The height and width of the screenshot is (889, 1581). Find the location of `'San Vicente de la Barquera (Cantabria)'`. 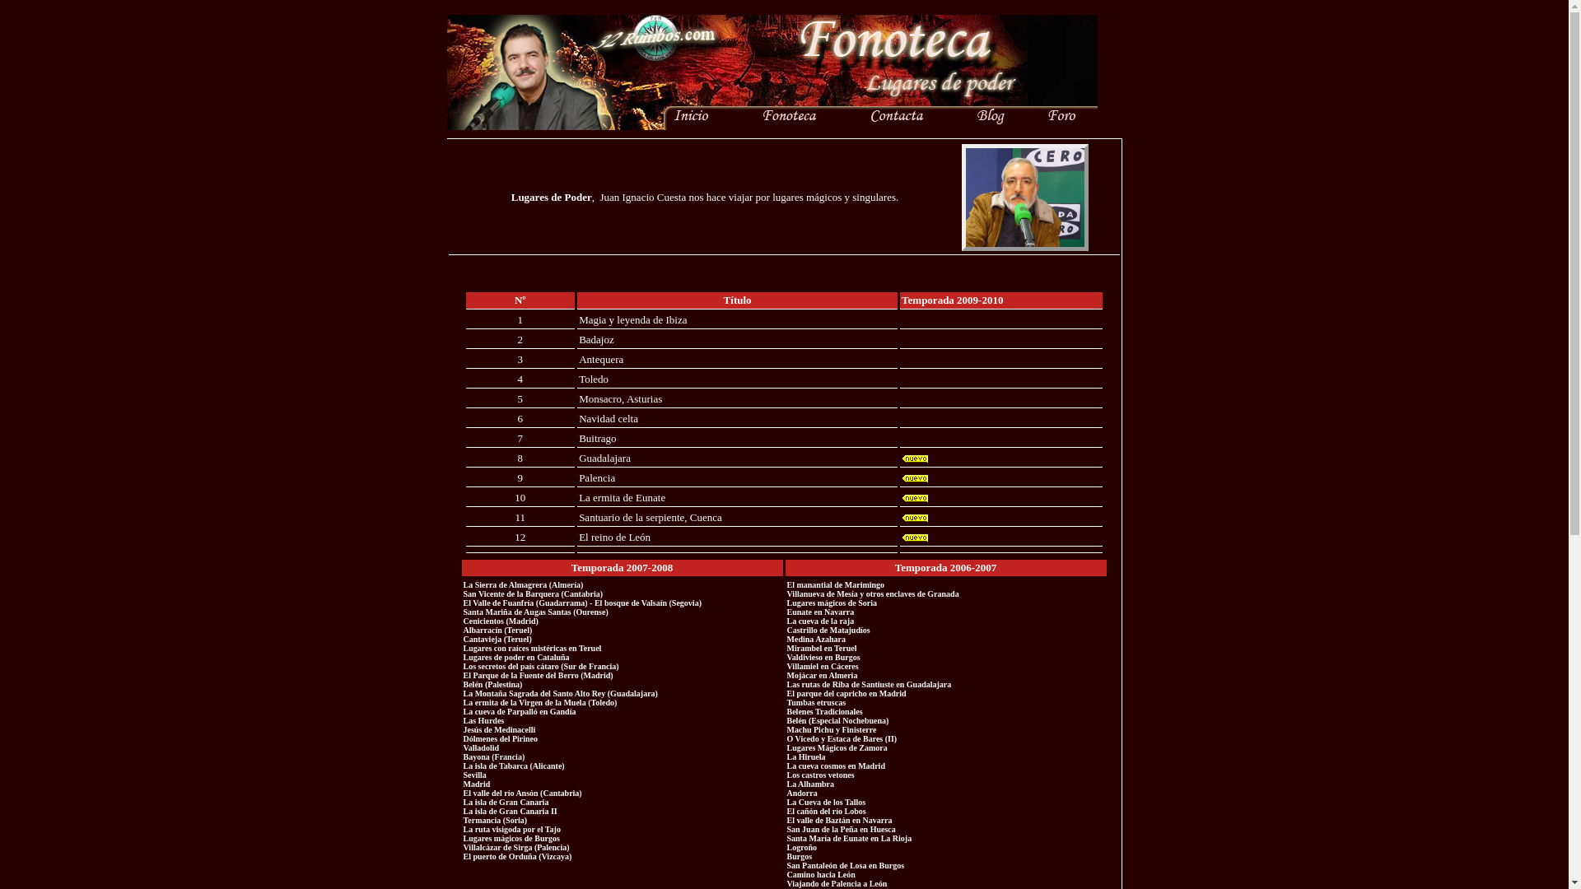

'San Vicente de la Barquera (Cantabria)' is located at coordinates (533, 593).